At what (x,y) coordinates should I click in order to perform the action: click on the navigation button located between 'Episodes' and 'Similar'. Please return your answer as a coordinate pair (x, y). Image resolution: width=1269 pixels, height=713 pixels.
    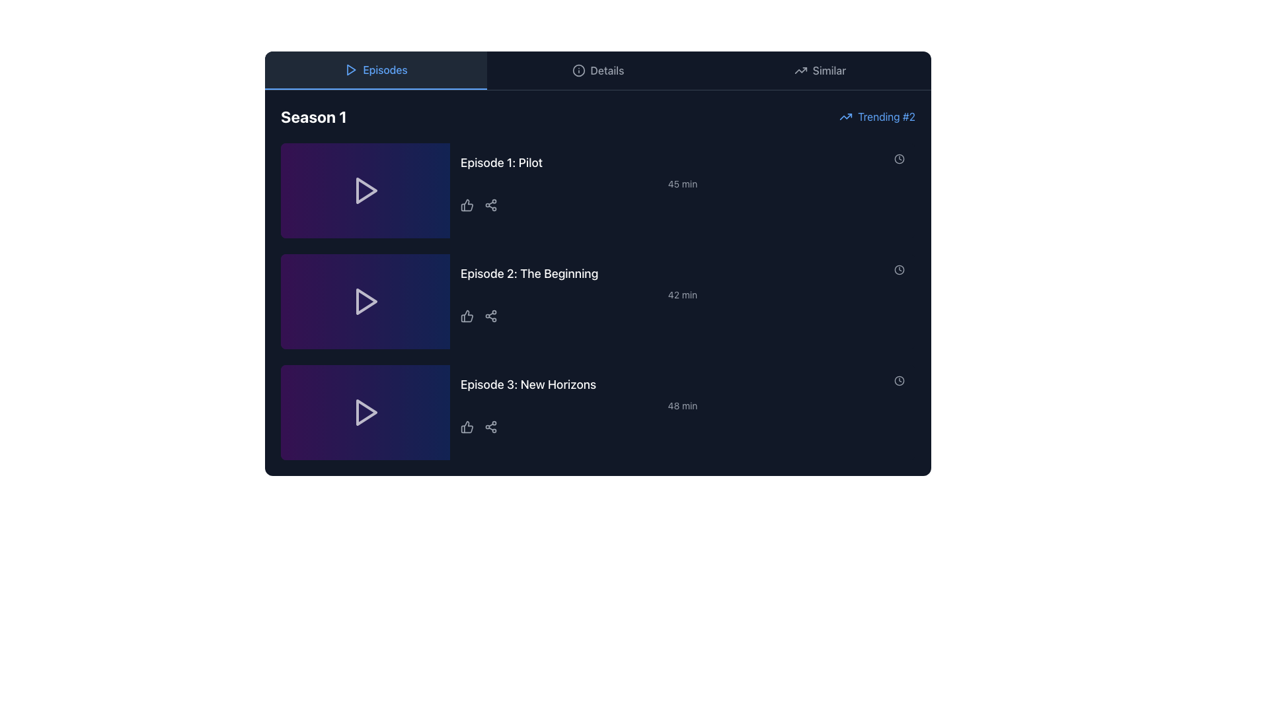
    Looking at the image, I should click on (597, 71).